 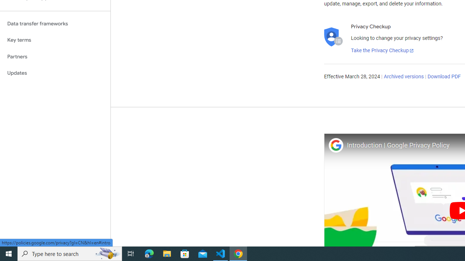 What do you see at coordinates (55, 40) in the screenshot?
I see `'Key terms'` at bounding box center [55, 40].